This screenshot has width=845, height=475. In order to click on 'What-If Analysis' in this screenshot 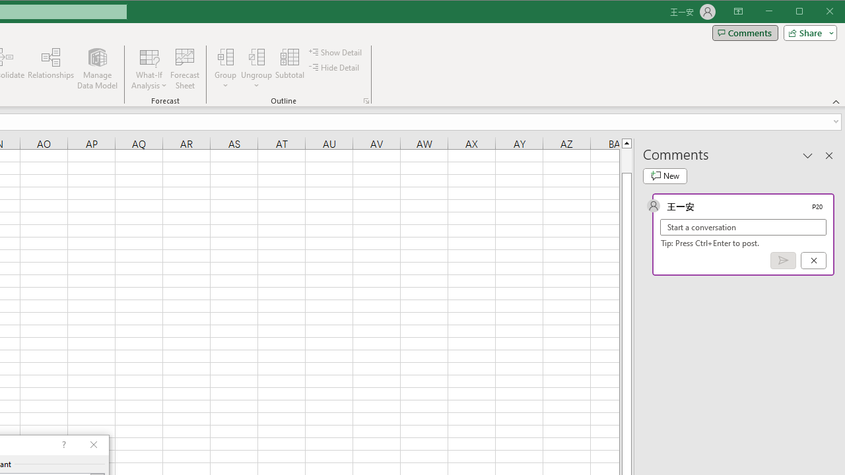, I will do `click(149, 69)`.